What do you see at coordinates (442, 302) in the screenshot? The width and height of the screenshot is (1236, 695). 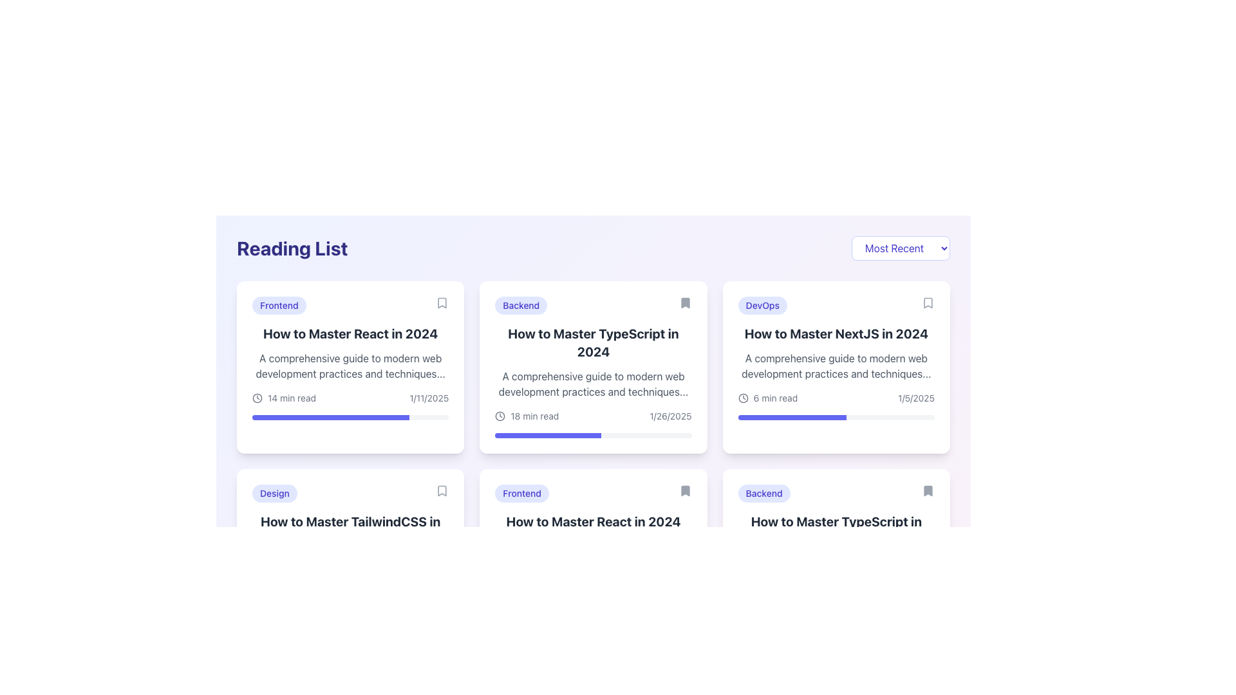 I see `the bookmark icon located at the top-right corner of the 'How to Master React in 2024' card in the 'Reading List' section` at bounding box center [442, 302].